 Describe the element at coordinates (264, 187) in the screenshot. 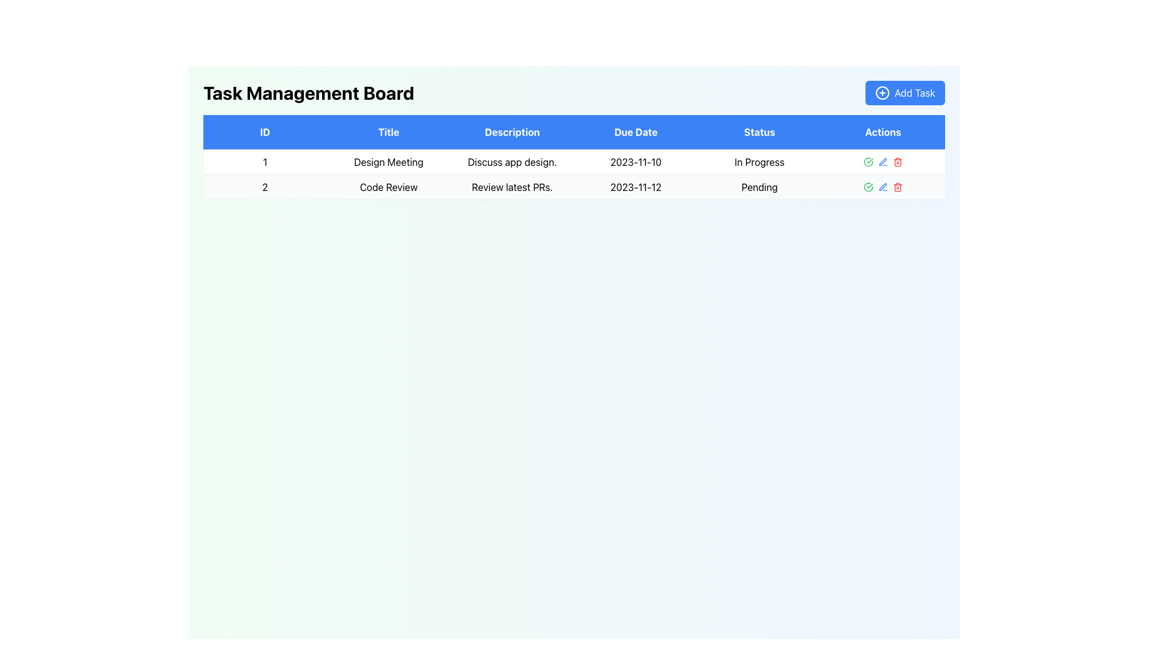

I see `the first cell of the second row in the task management table under the 'ID' column` at that location.